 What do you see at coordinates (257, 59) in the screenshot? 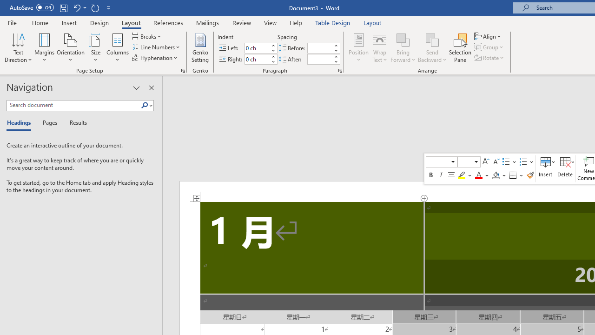
I see `'Indent Right'` at bounding box center [257, 59].